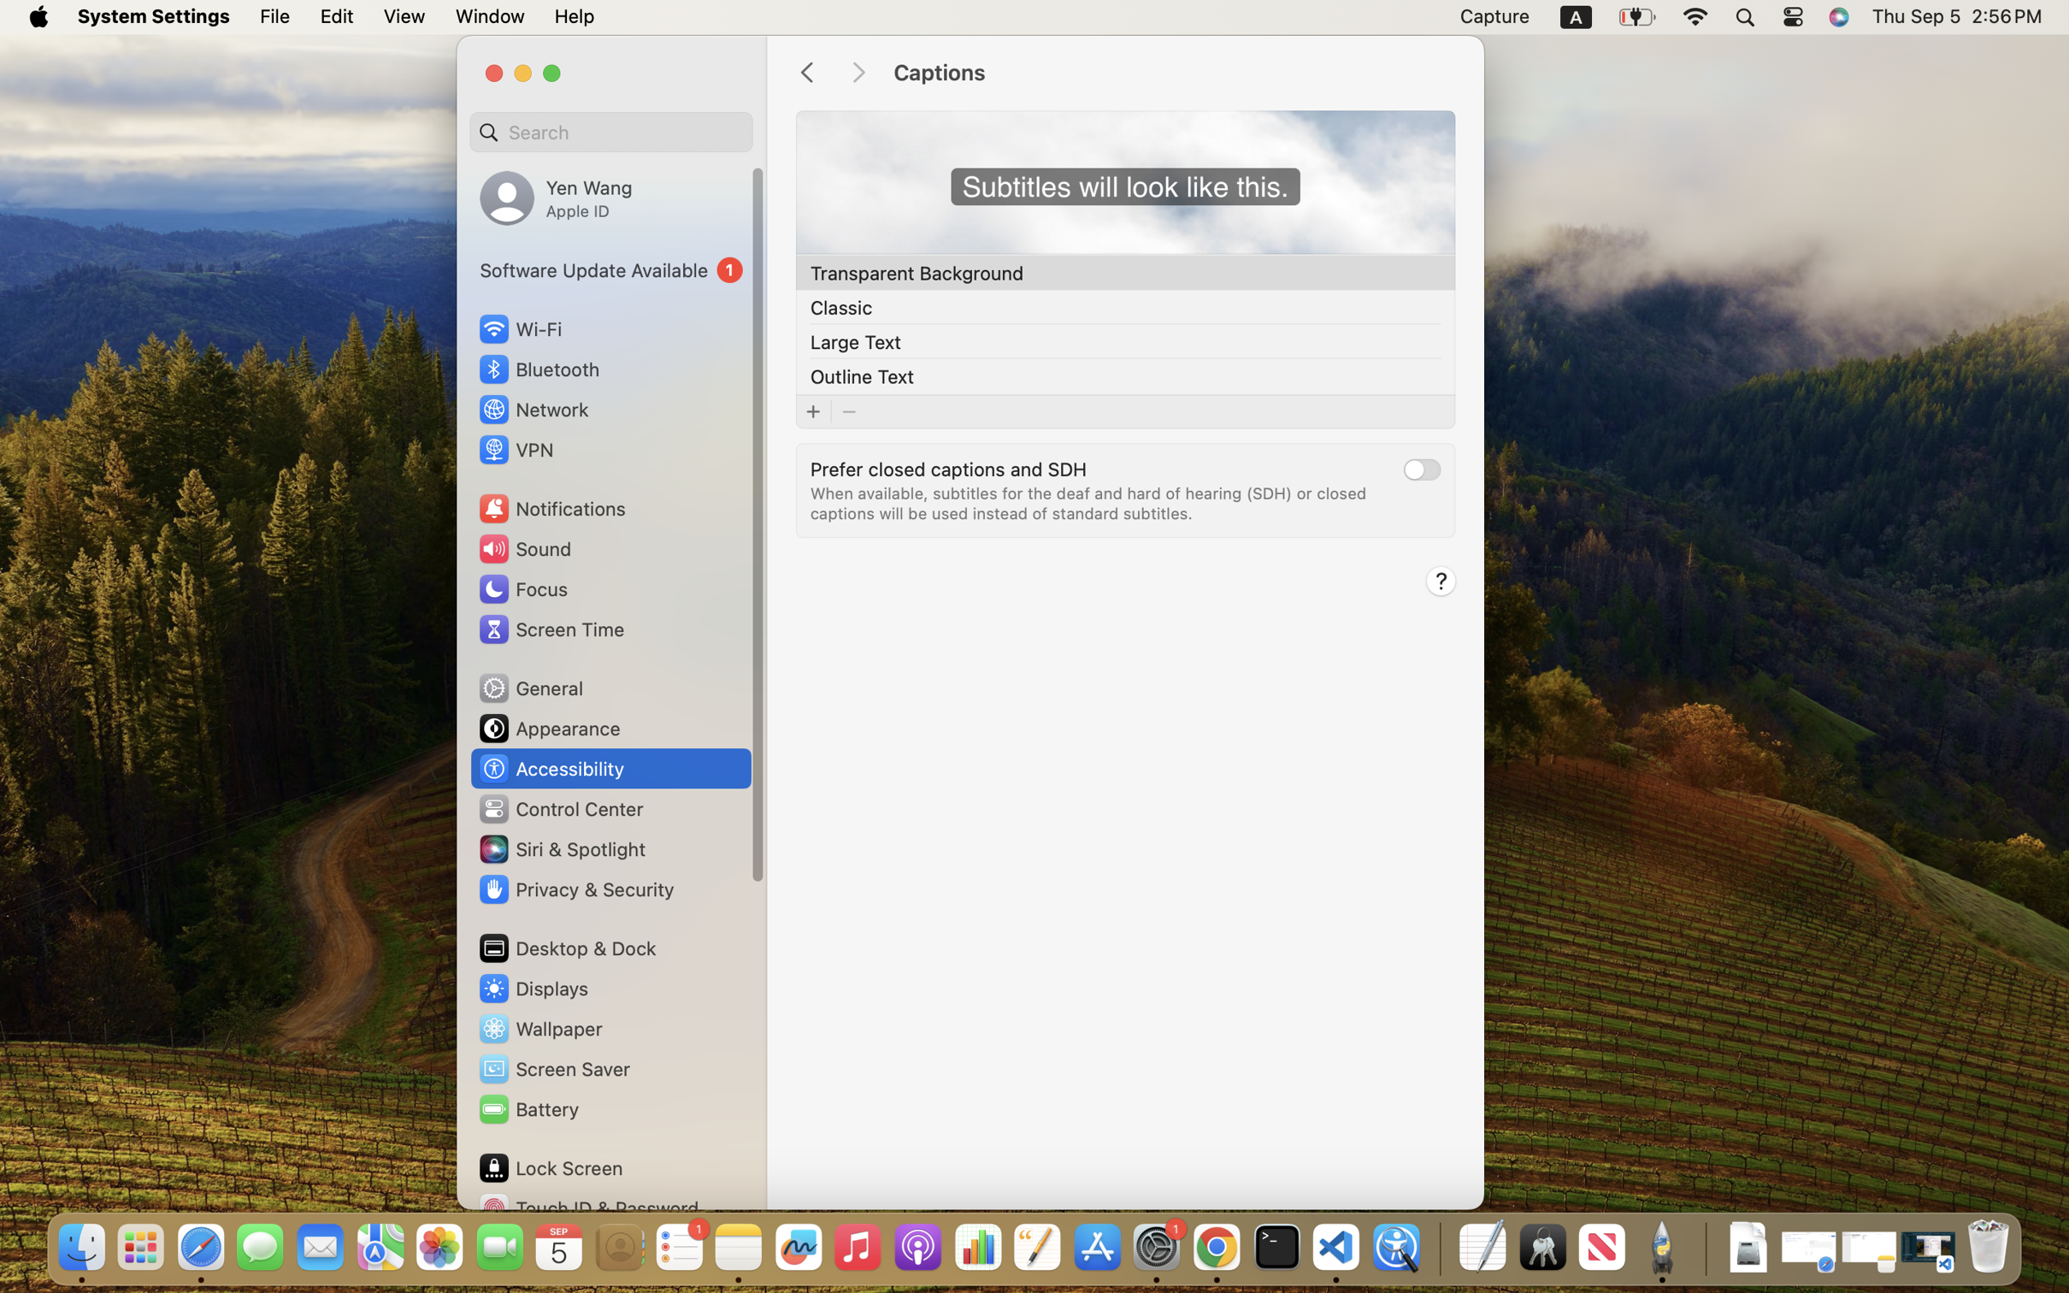 The image size is (2069, 1293). I want to click on 'Displays', so click(533, 987).